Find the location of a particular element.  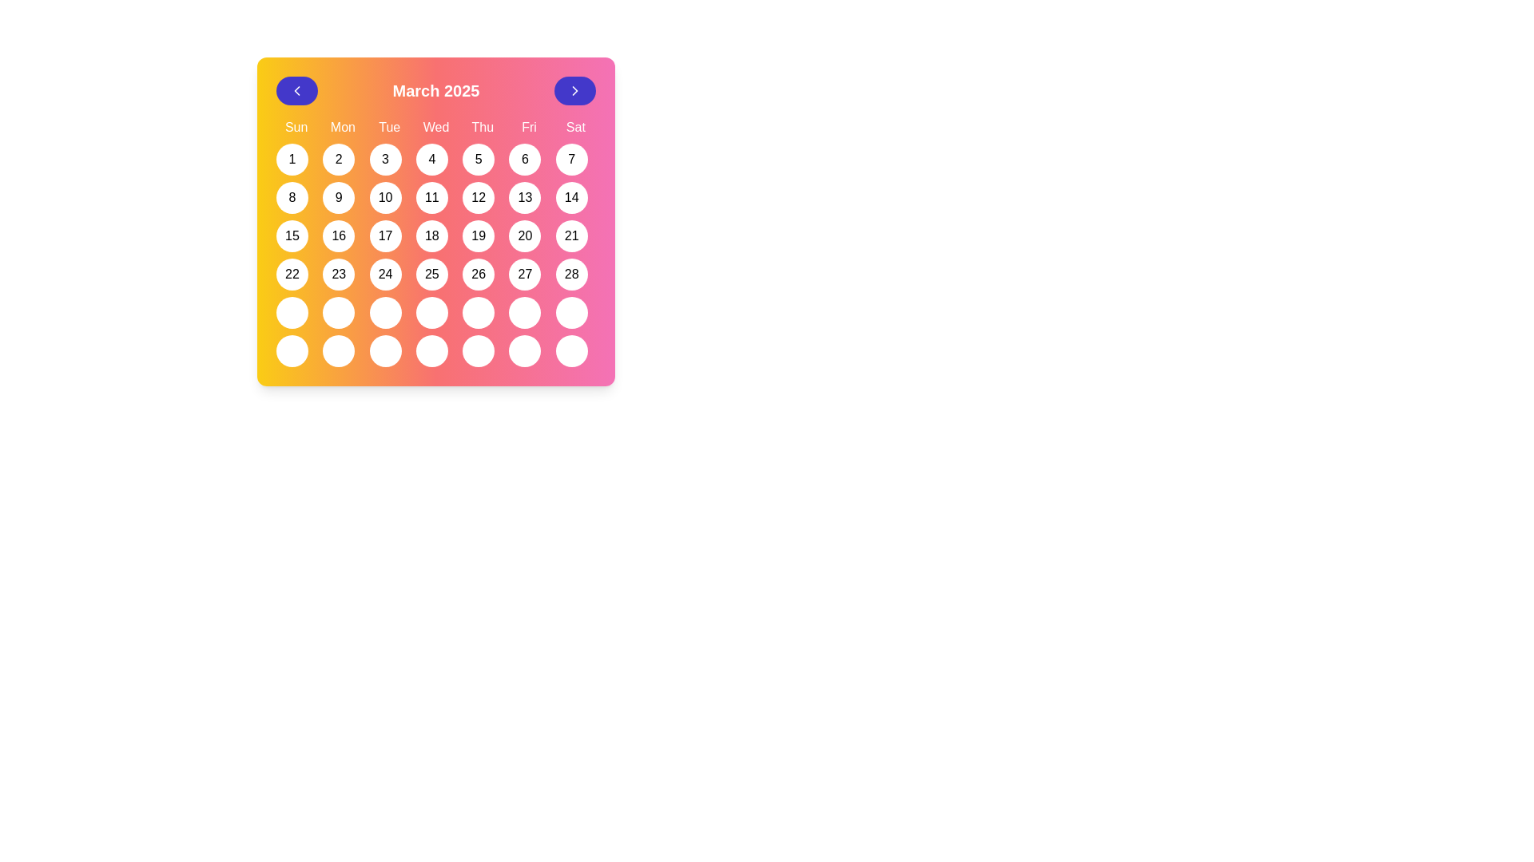

the button representing the date in the calendar interface located in the sixth row and seventh column of the grid is located at coordinates (571, 236).